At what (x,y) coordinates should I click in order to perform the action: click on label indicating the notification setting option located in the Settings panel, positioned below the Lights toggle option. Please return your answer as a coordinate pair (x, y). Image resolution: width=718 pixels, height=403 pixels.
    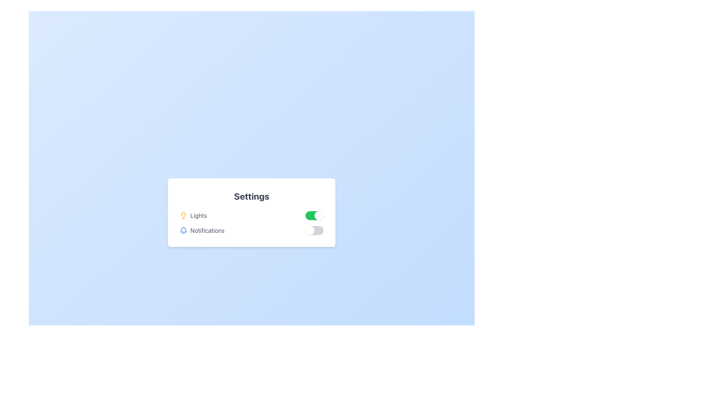
    Looking at the image, I should click on (202, 230).